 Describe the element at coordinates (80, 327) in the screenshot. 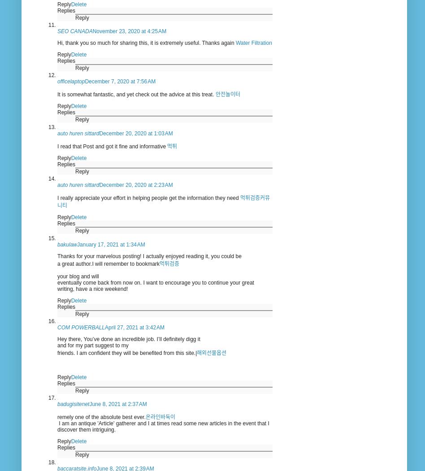

I see `'COM POWERBALL'` at that location.